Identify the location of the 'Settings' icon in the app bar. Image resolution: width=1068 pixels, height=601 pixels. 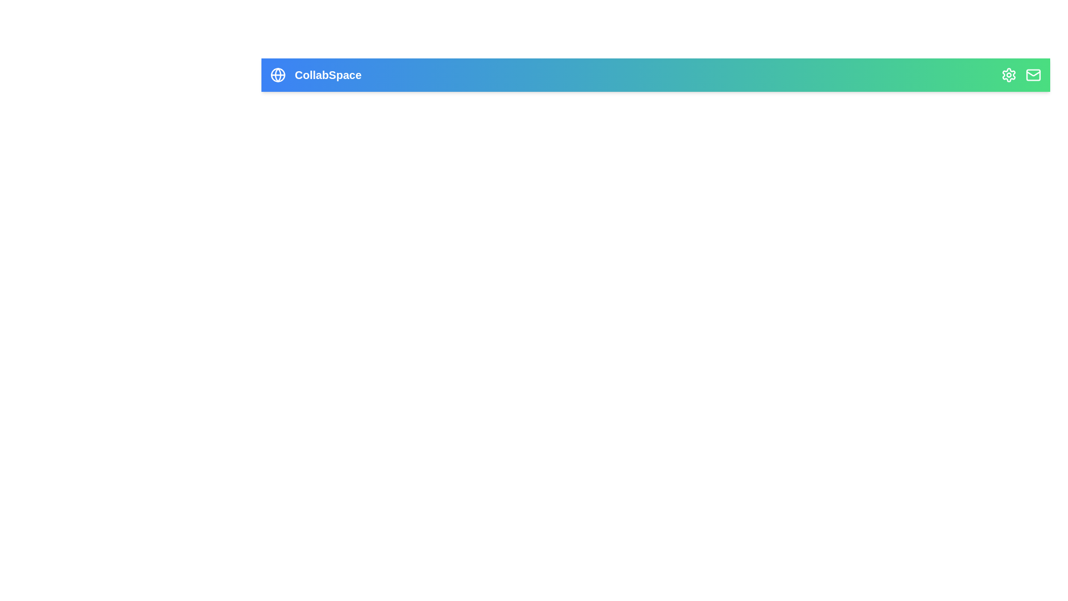
(1009, 75).